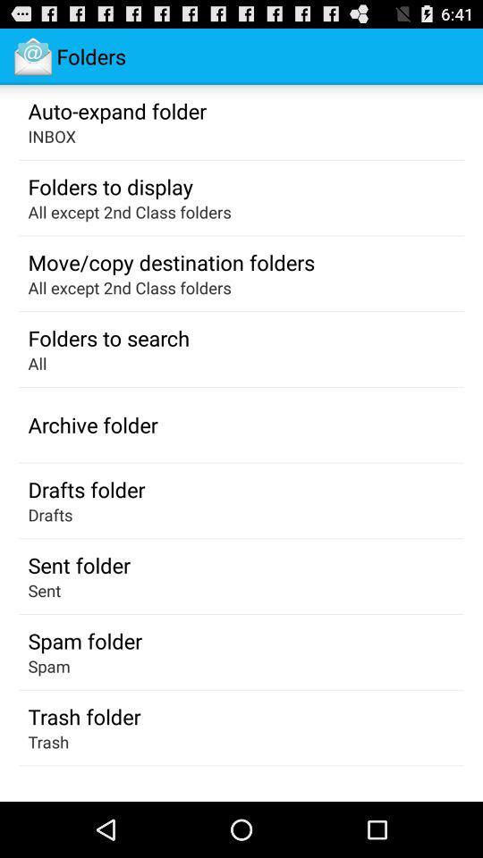  I want to click on the item above inbox icon, so click(117, 109).